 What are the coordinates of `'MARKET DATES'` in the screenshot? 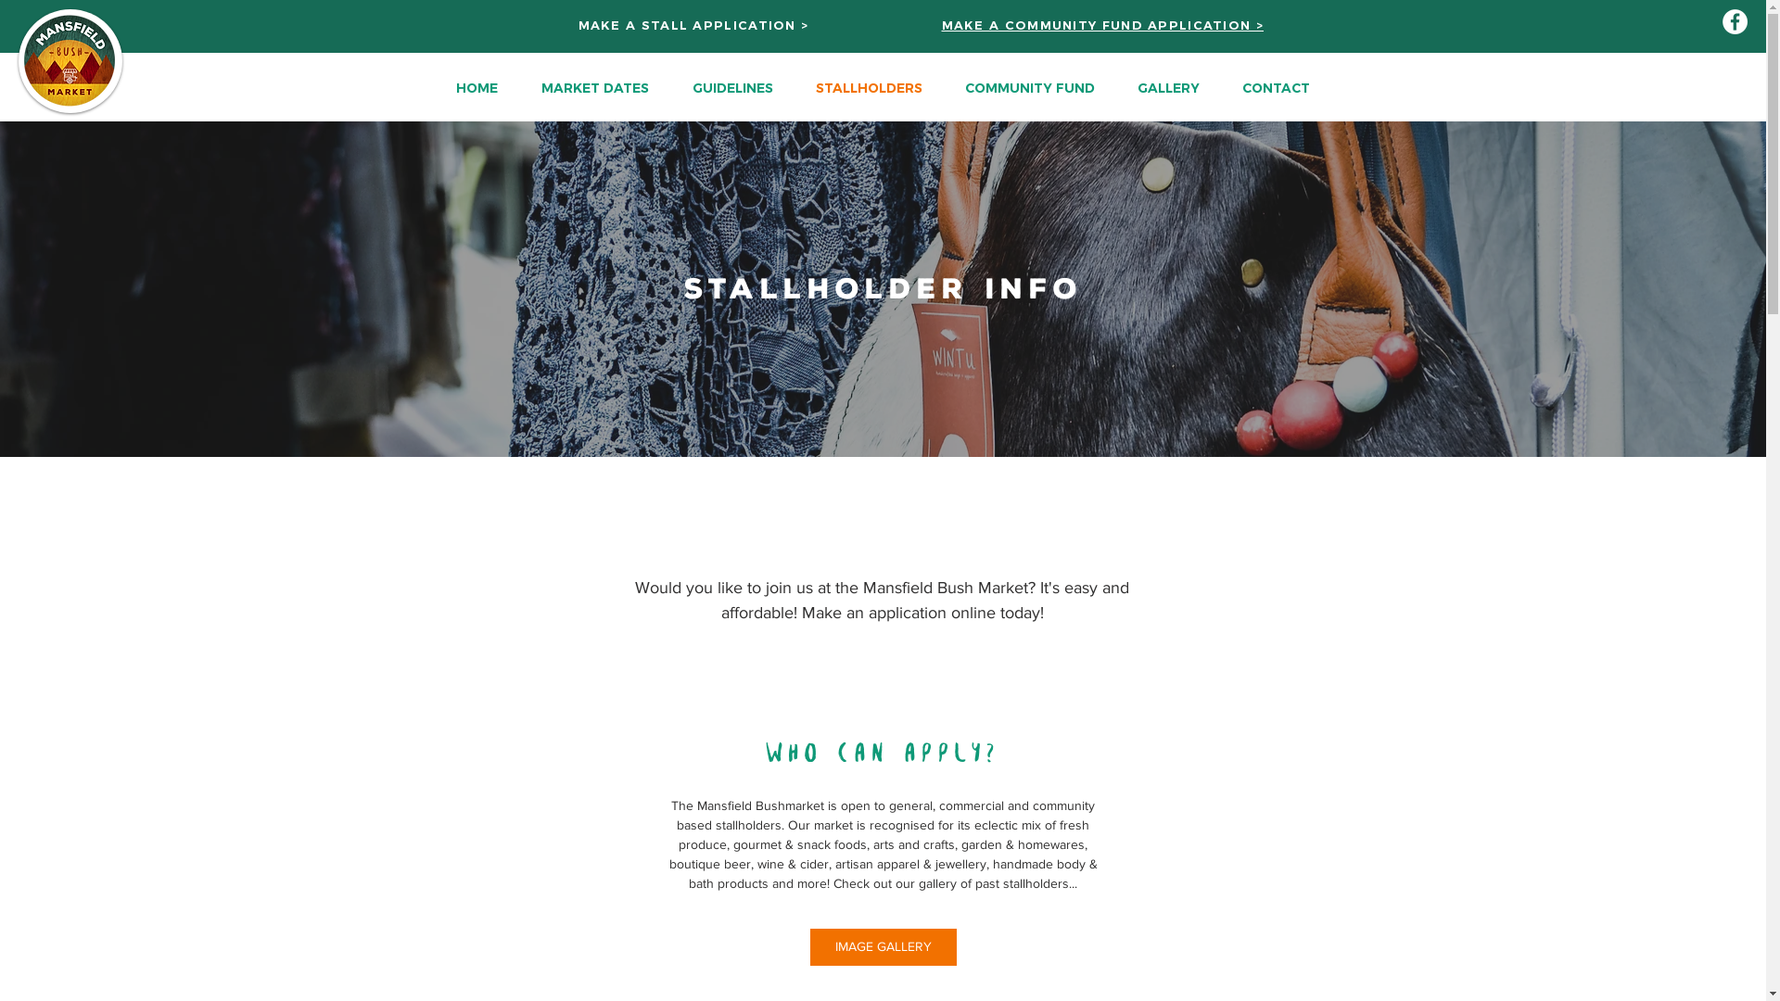 It's located at (594, 87).